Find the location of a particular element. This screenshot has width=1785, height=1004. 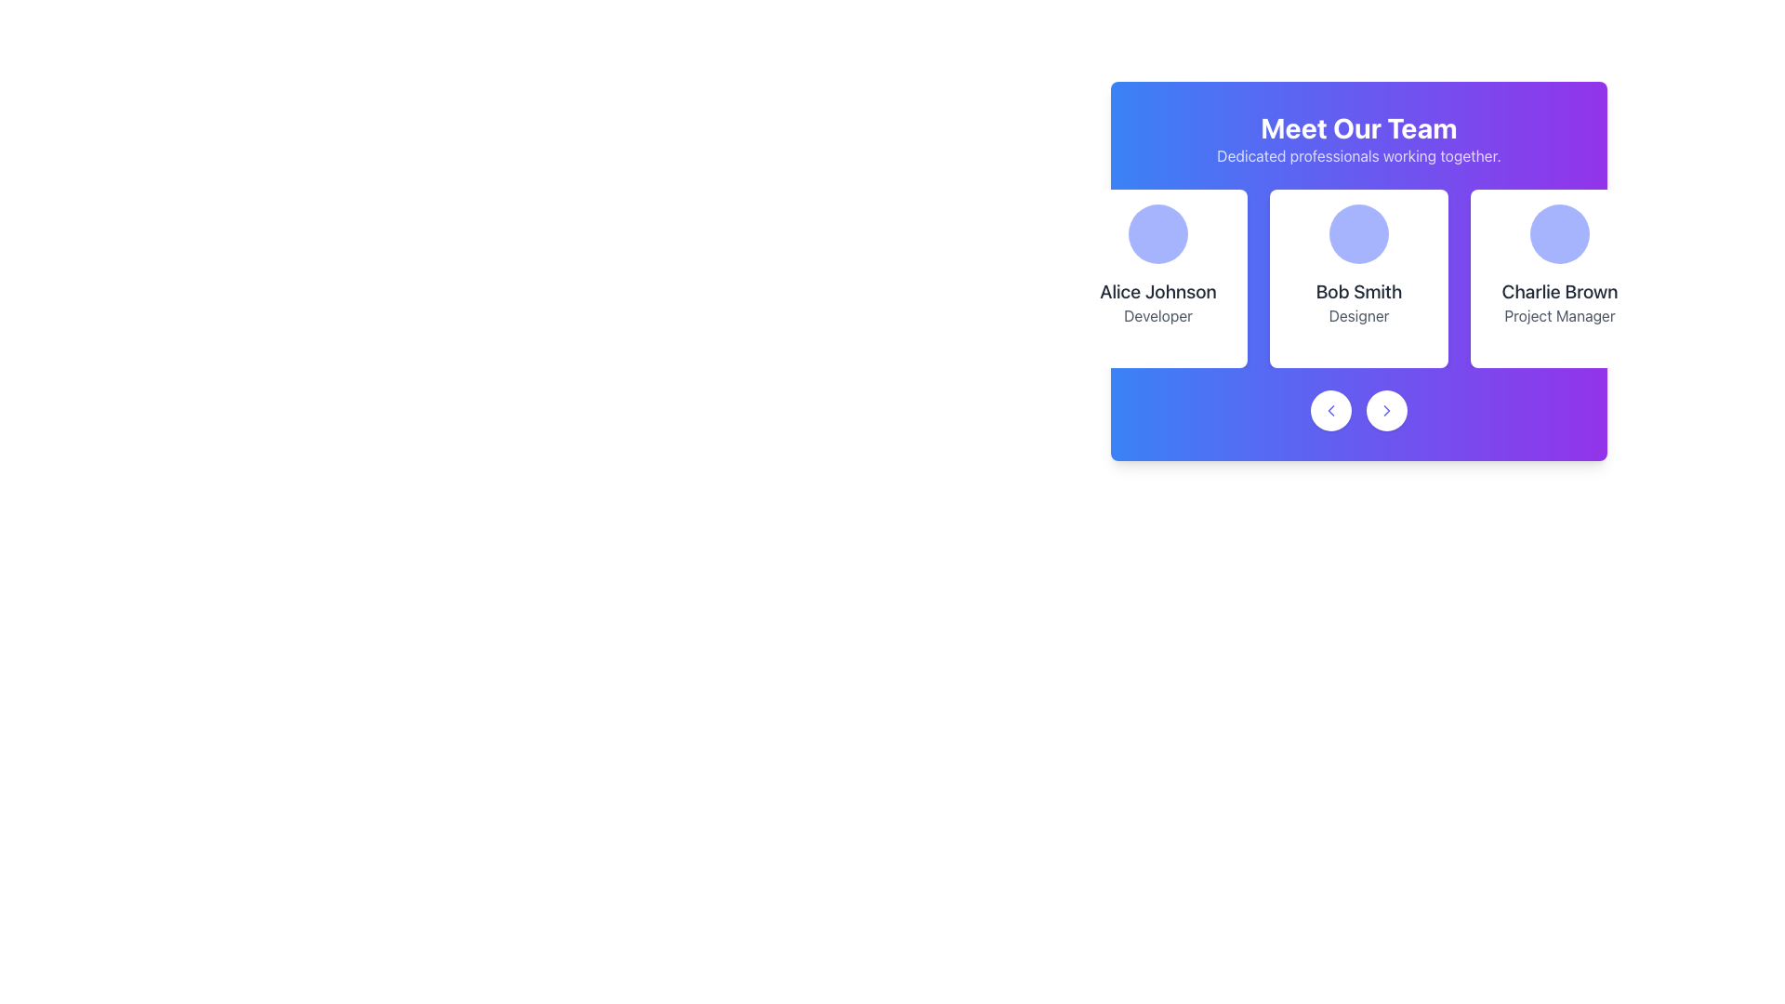

the Decorative Circle which serves as a profile image placeholder located at the top of the card for Alice Johnson, a Developer is located at coordinates (1157, 232).